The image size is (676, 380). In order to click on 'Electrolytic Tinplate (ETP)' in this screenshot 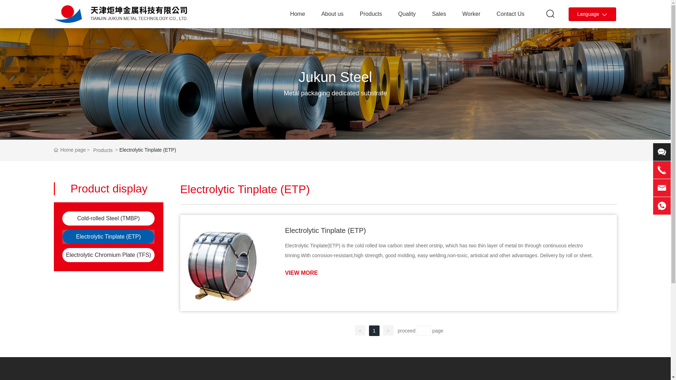, I will do `click(108, 236)`.